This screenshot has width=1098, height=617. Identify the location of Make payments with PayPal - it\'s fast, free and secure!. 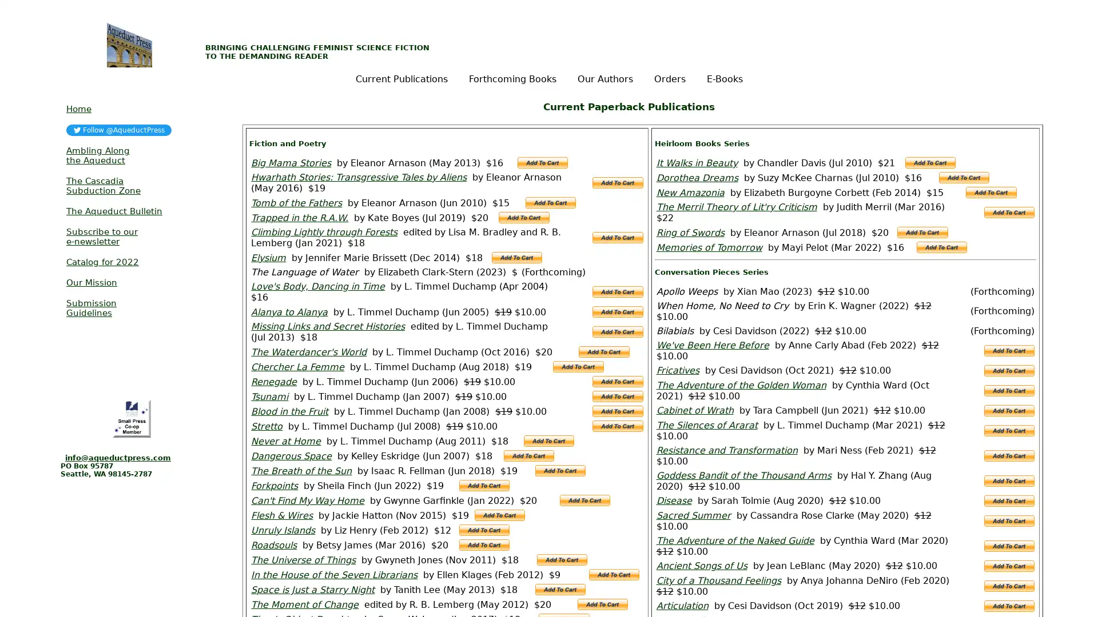
(516, 258).